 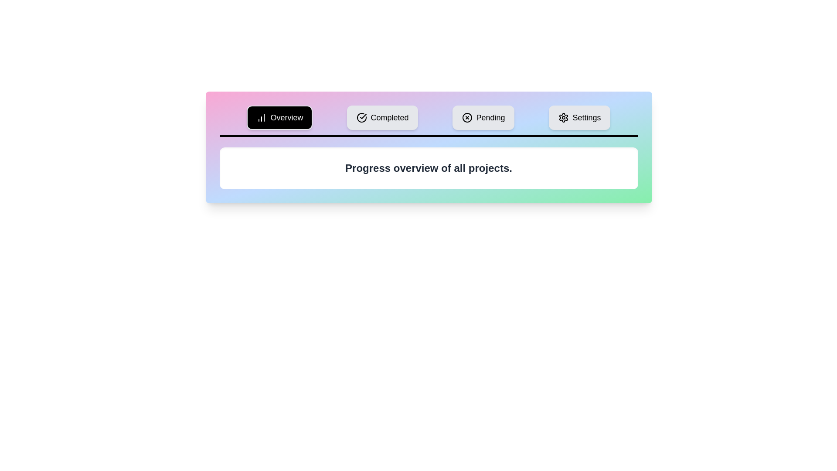 I want to click on the area displaying the text content, which is currently 'Progress overview of all projects.', so click(x=429, y=168).